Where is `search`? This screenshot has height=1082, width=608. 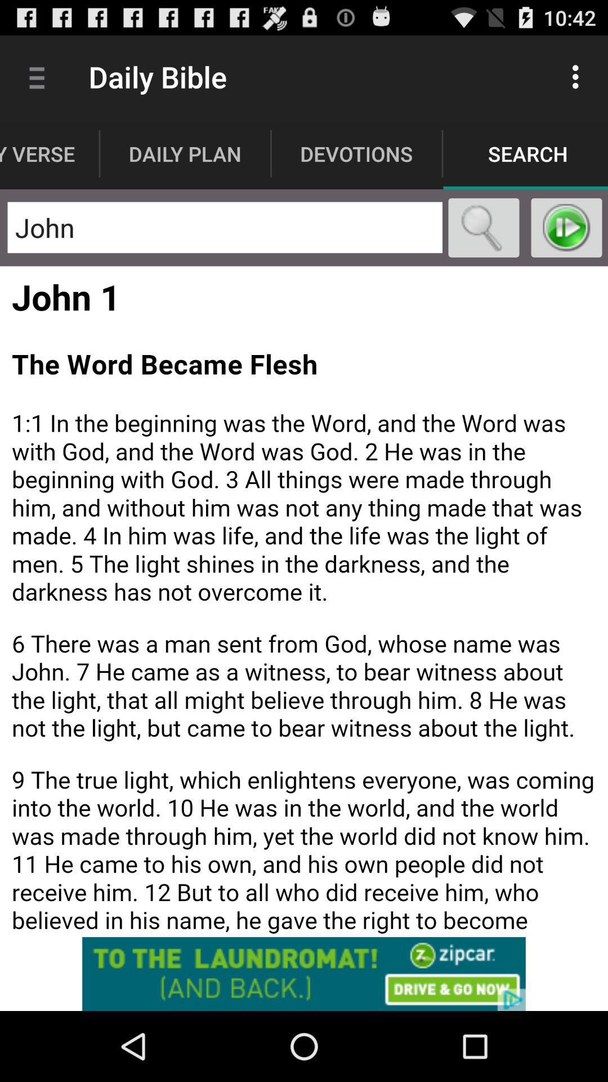 search is located at coordinates (483, 227).